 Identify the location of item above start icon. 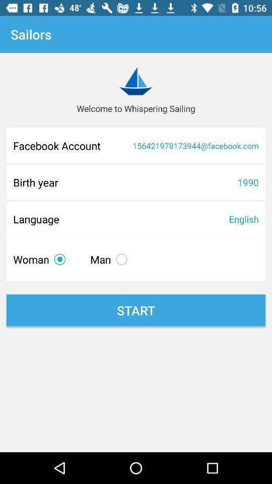
(41, 259).